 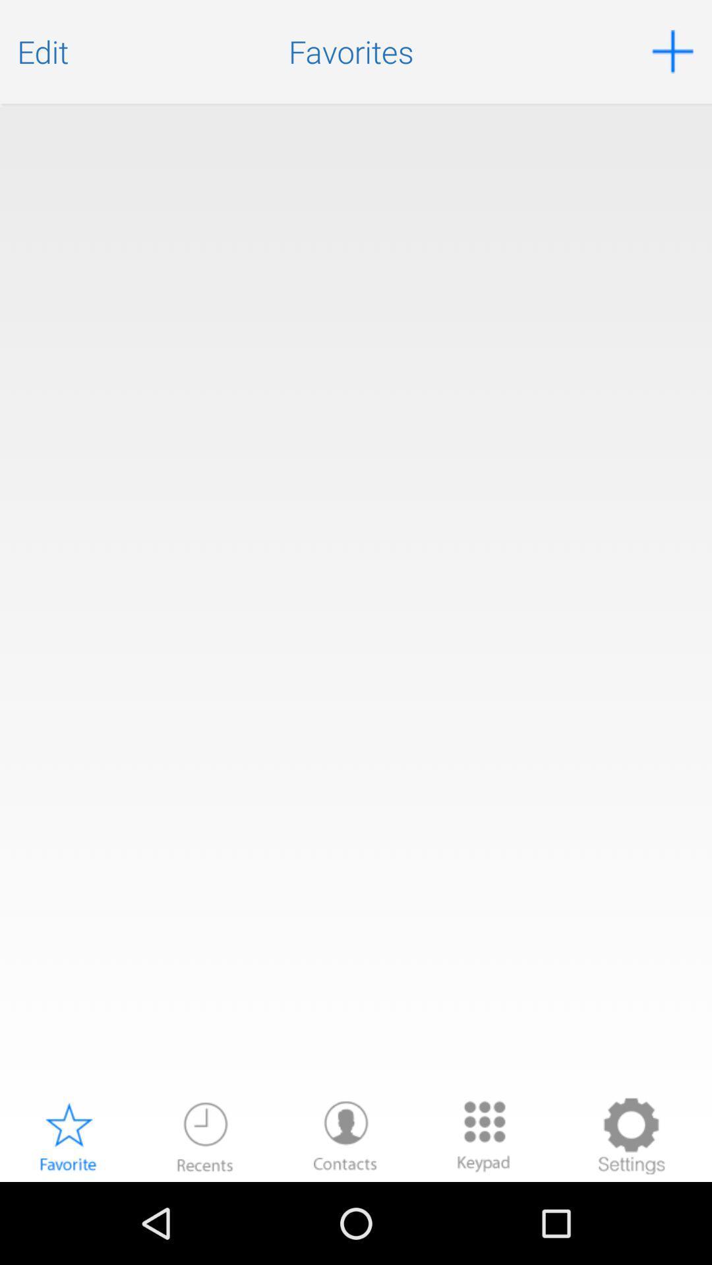 I want to click on click on person for contacts, so click(x=345, y=1135).